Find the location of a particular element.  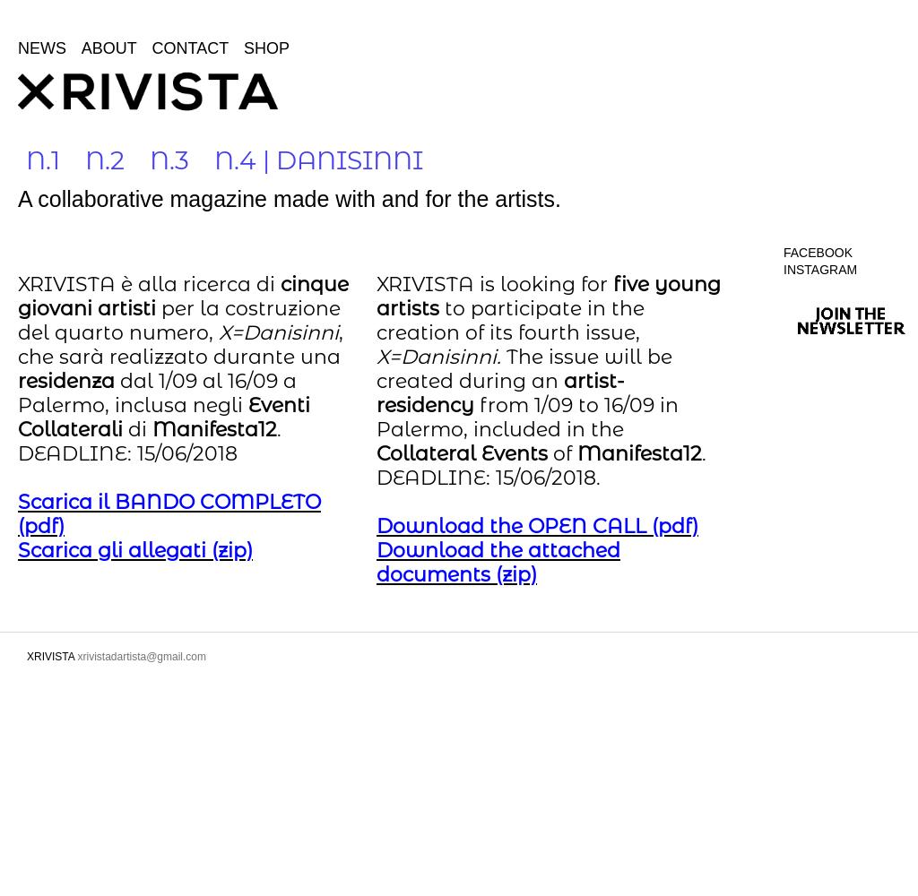

'A collaborative magazine made with and for the artists.' is located at coordinates (17, 198).